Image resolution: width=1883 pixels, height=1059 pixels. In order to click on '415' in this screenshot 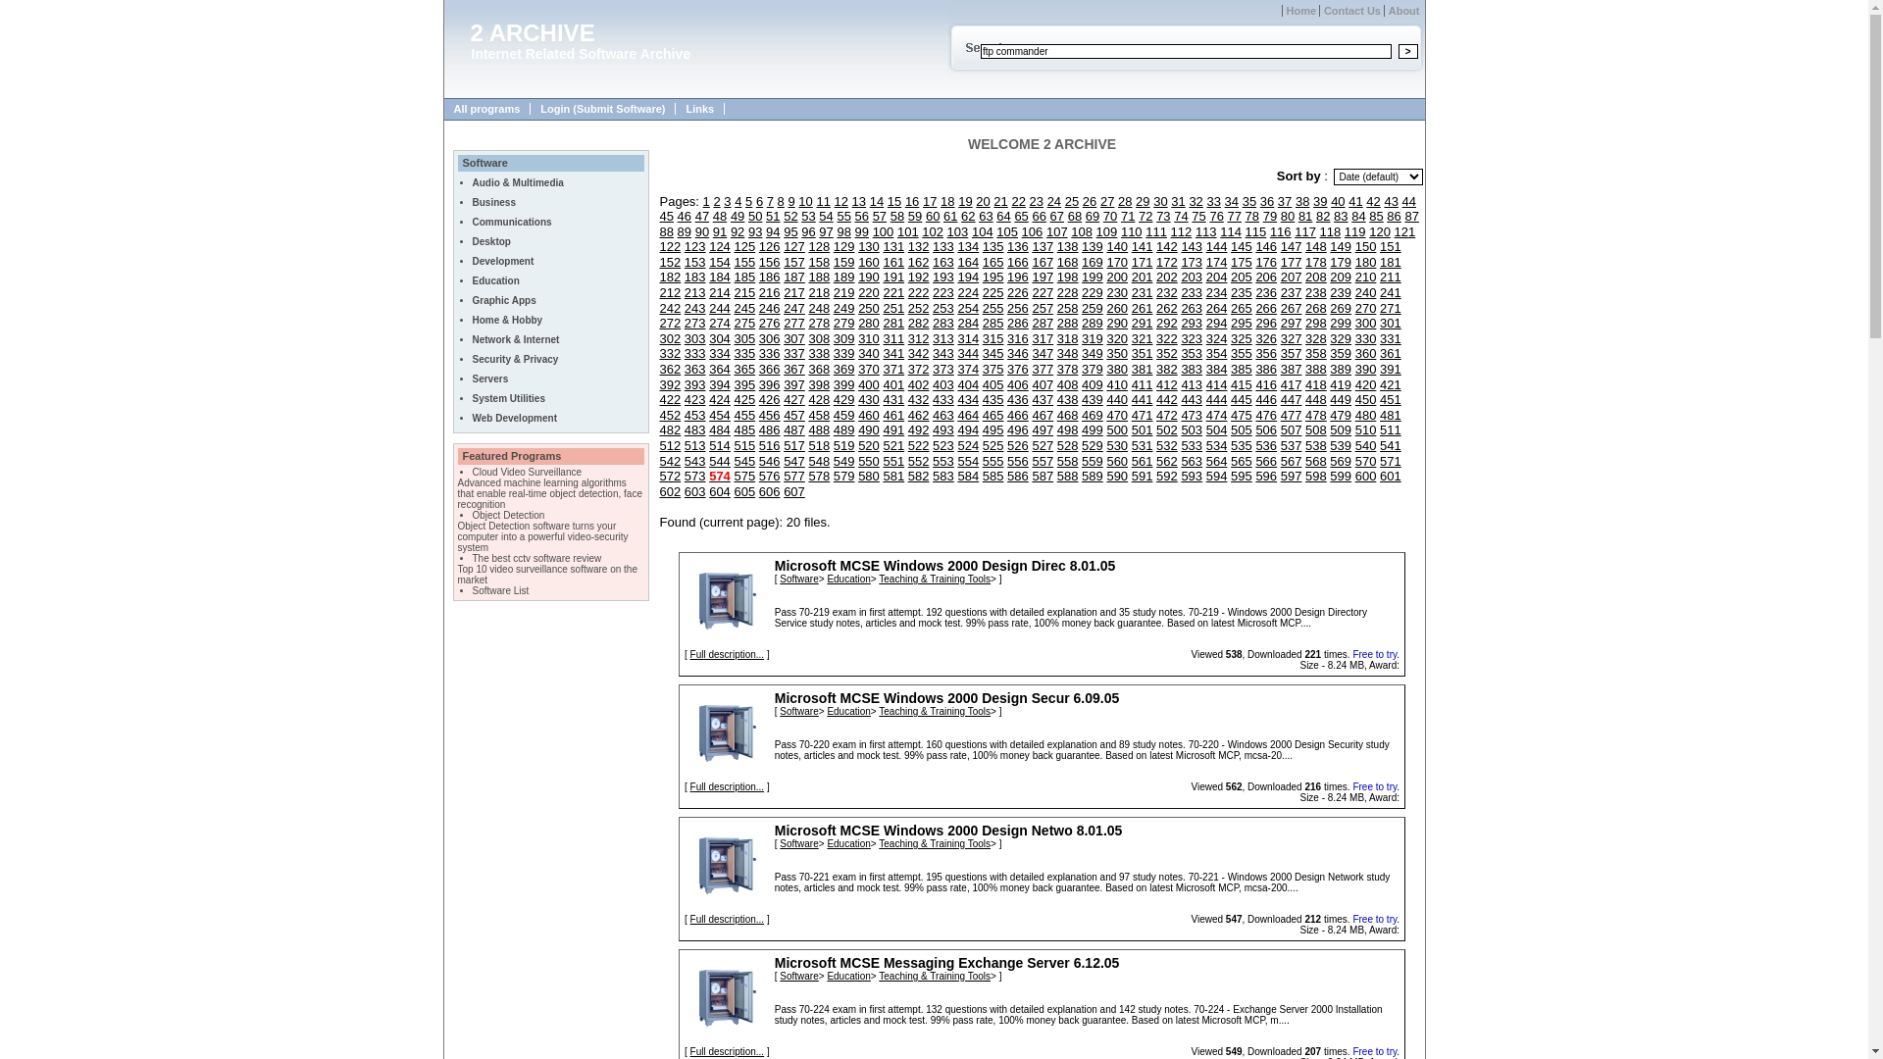, I will do `click(1241, 384)`.